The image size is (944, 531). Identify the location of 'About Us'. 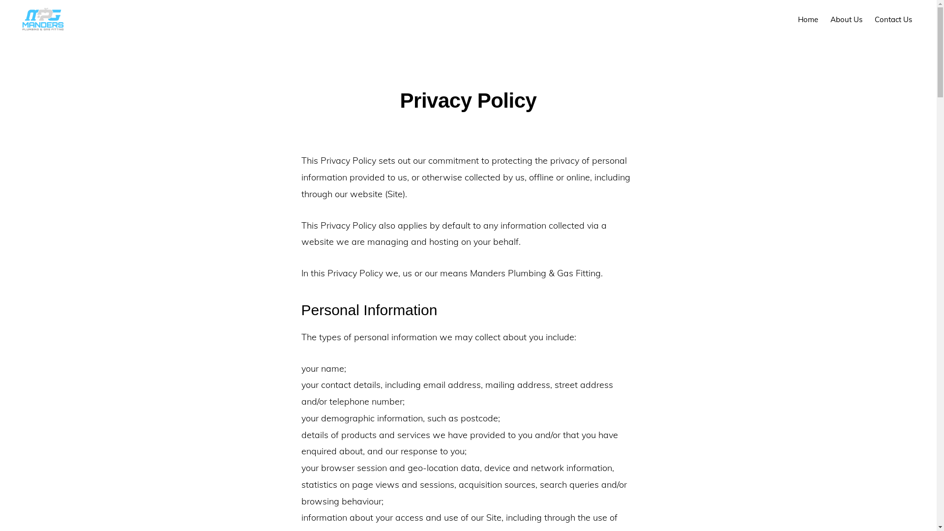
(846, 19).